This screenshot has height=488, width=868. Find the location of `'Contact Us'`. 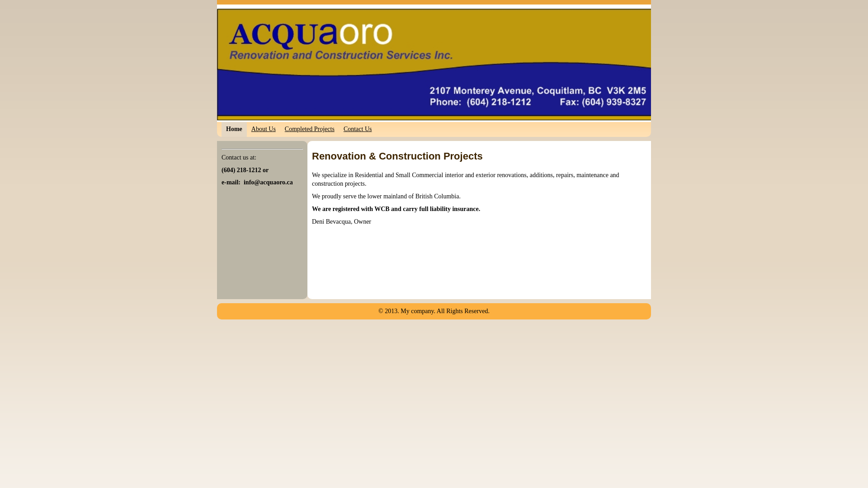

'Contact Us' is located at coordinates (357, 129).